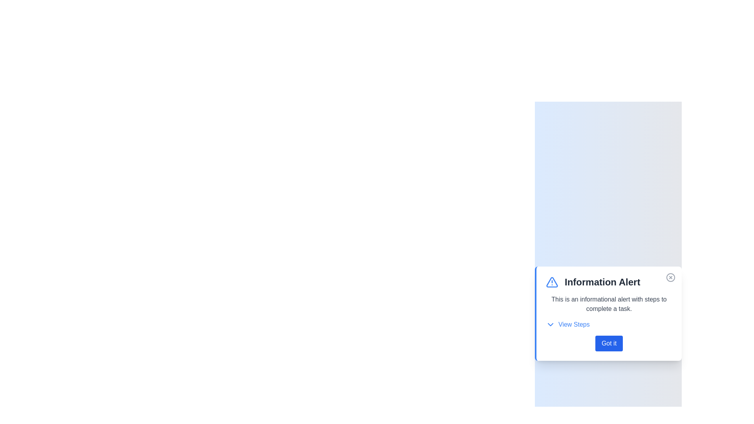  I want to click on the close button at the top-right corner of the alert box to dismiss it, so click(670, 277).